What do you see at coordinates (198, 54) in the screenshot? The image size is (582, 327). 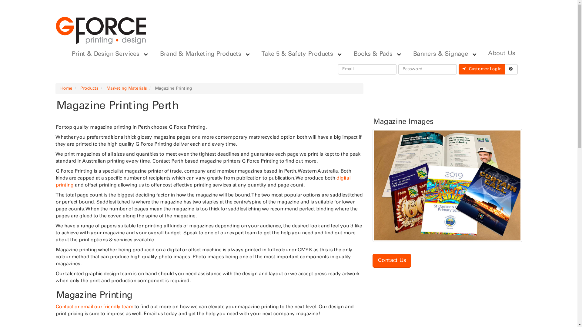 I see `'Brand & Marketing Products'` at bounding box center [198, 54].